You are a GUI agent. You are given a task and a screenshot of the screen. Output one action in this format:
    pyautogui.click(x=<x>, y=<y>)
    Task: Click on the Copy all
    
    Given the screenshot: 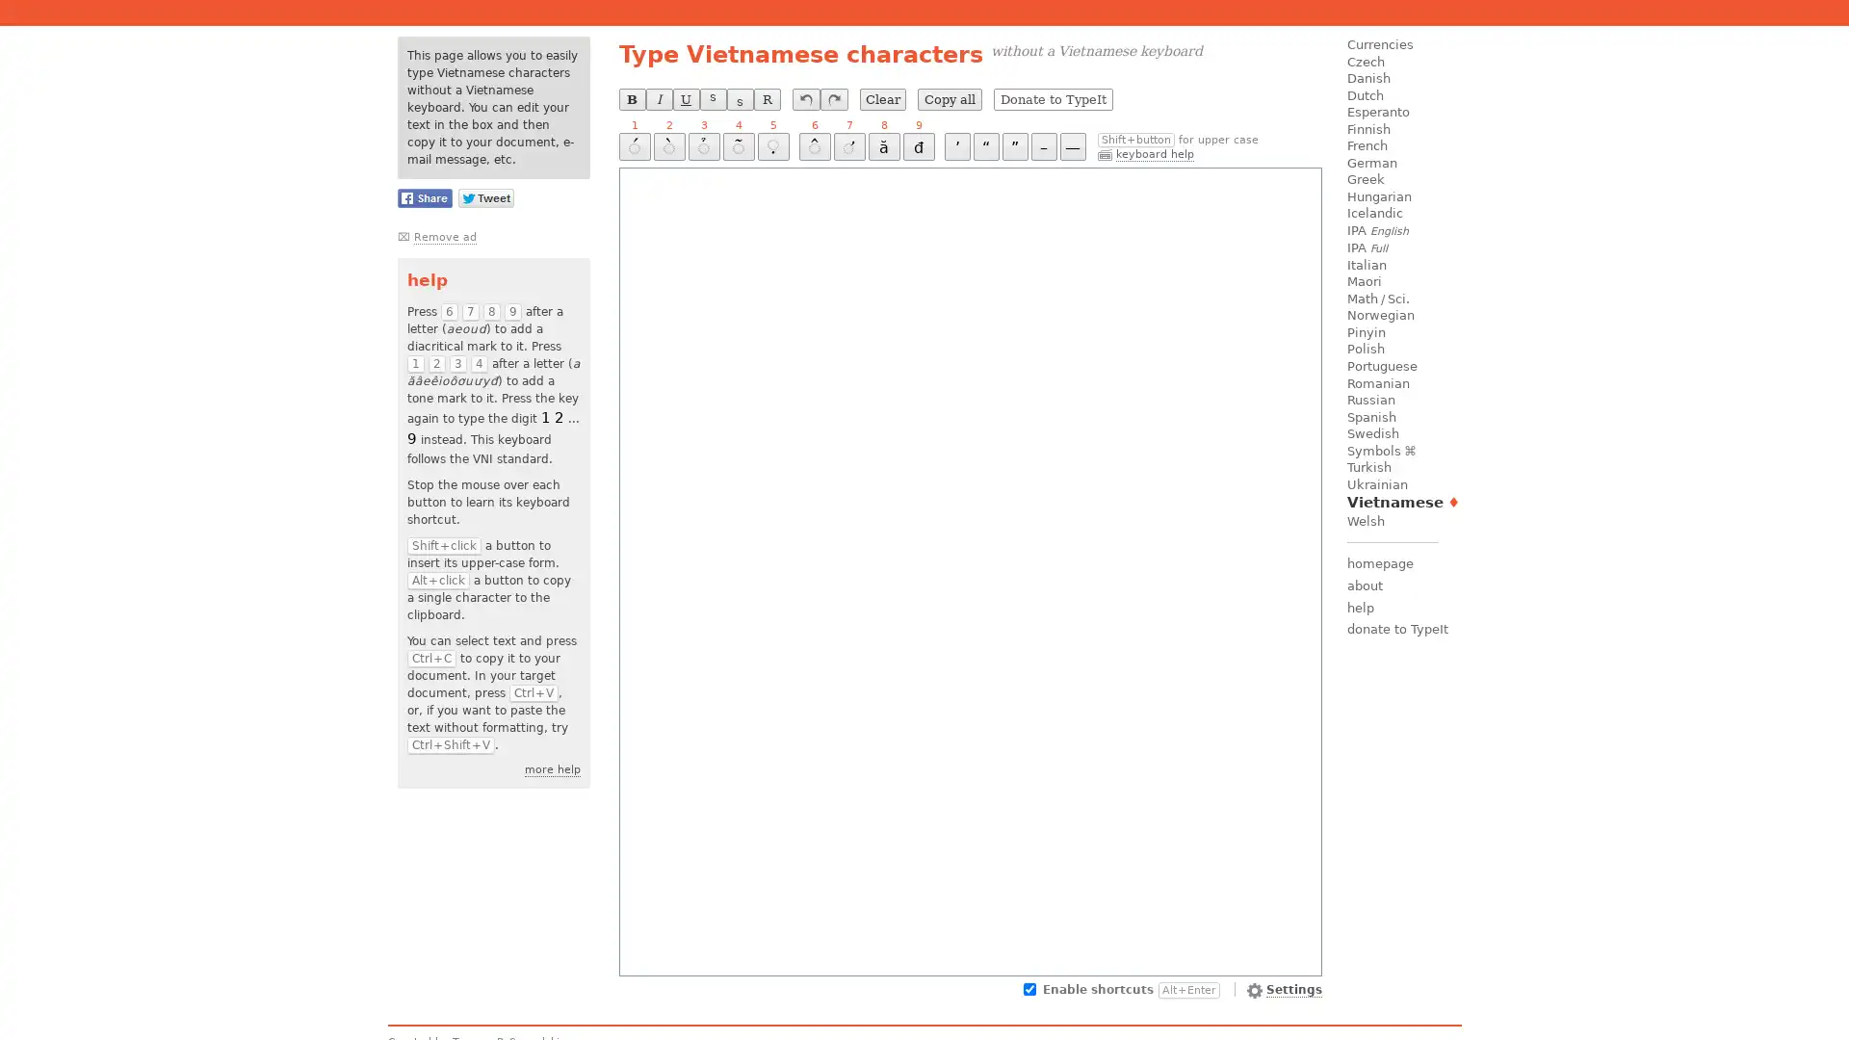 What is the action you would take?
    pyautogui.click(x=949, y=99)
    